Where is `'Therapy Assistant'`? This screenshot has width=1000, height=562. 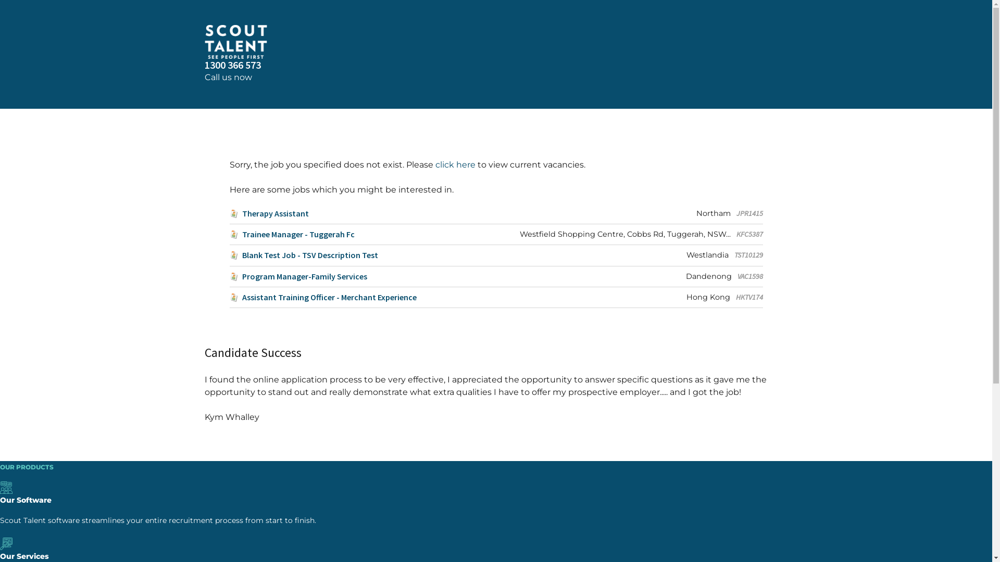 'Therapy Assistant' is located at coordinates (268, 213).